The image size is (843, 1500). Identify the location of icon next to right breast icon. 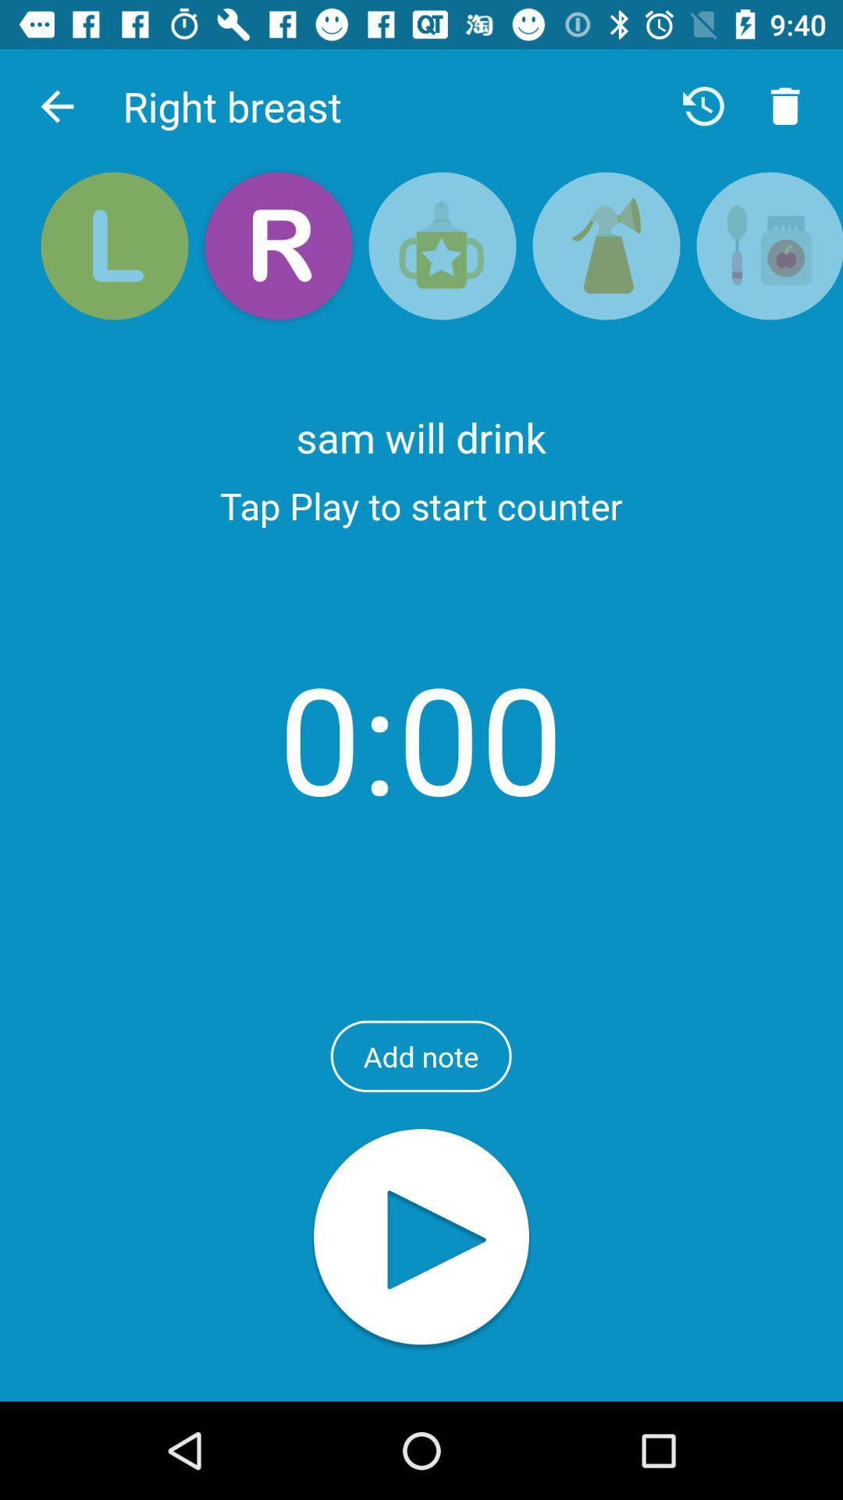
(56, 105).